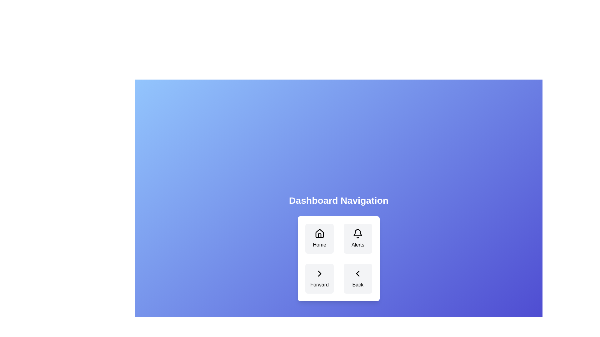 The height and width of the screenshot is (337, 600). Describe the element at coordinates (358, 238) in the screenshot. I see `the 'Alerts' button with the bell icon` at that location.